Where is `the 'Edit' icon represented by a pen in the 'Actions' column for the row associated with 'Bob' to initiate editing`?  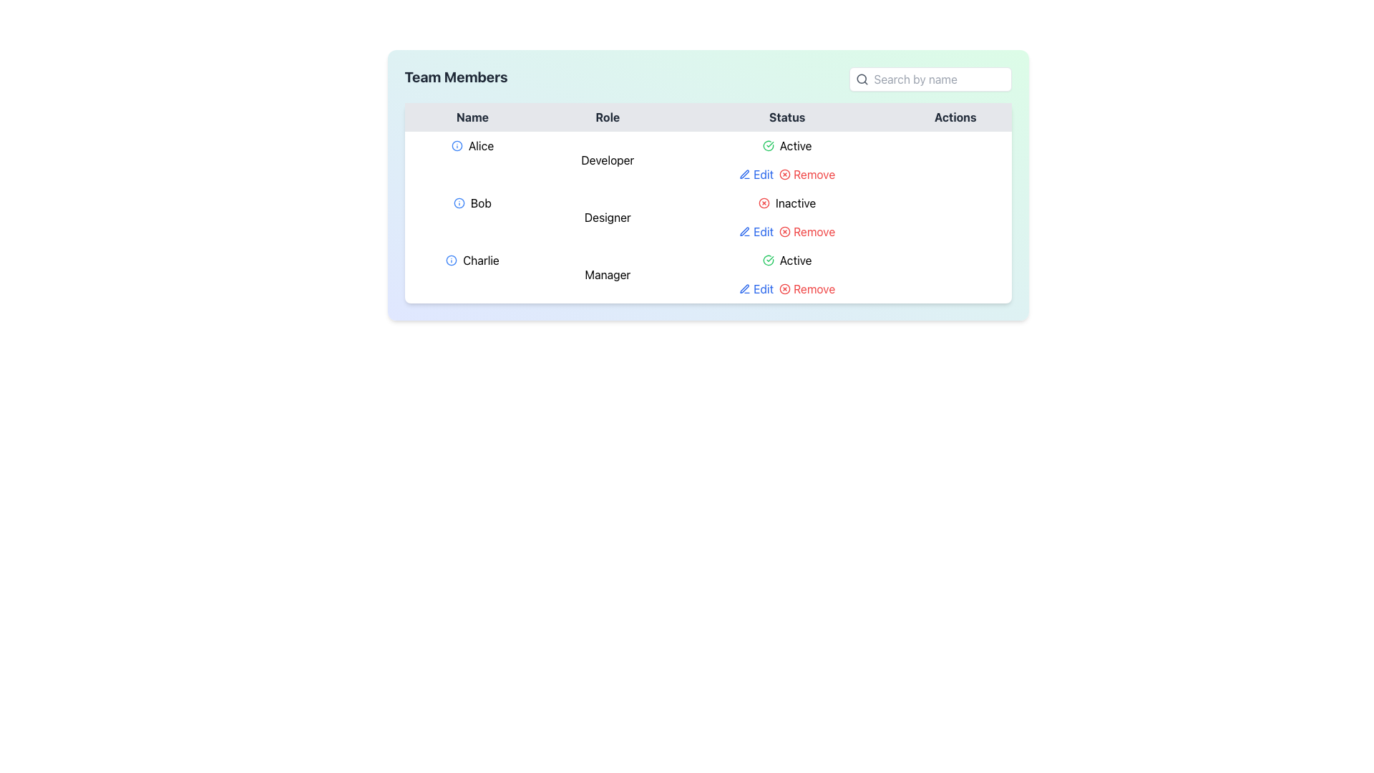
the 'Edit' icon represented by a pen in the 'Actions' column for the row associated with 'Bob' to initiate editing is located at coordinates (744, 230).